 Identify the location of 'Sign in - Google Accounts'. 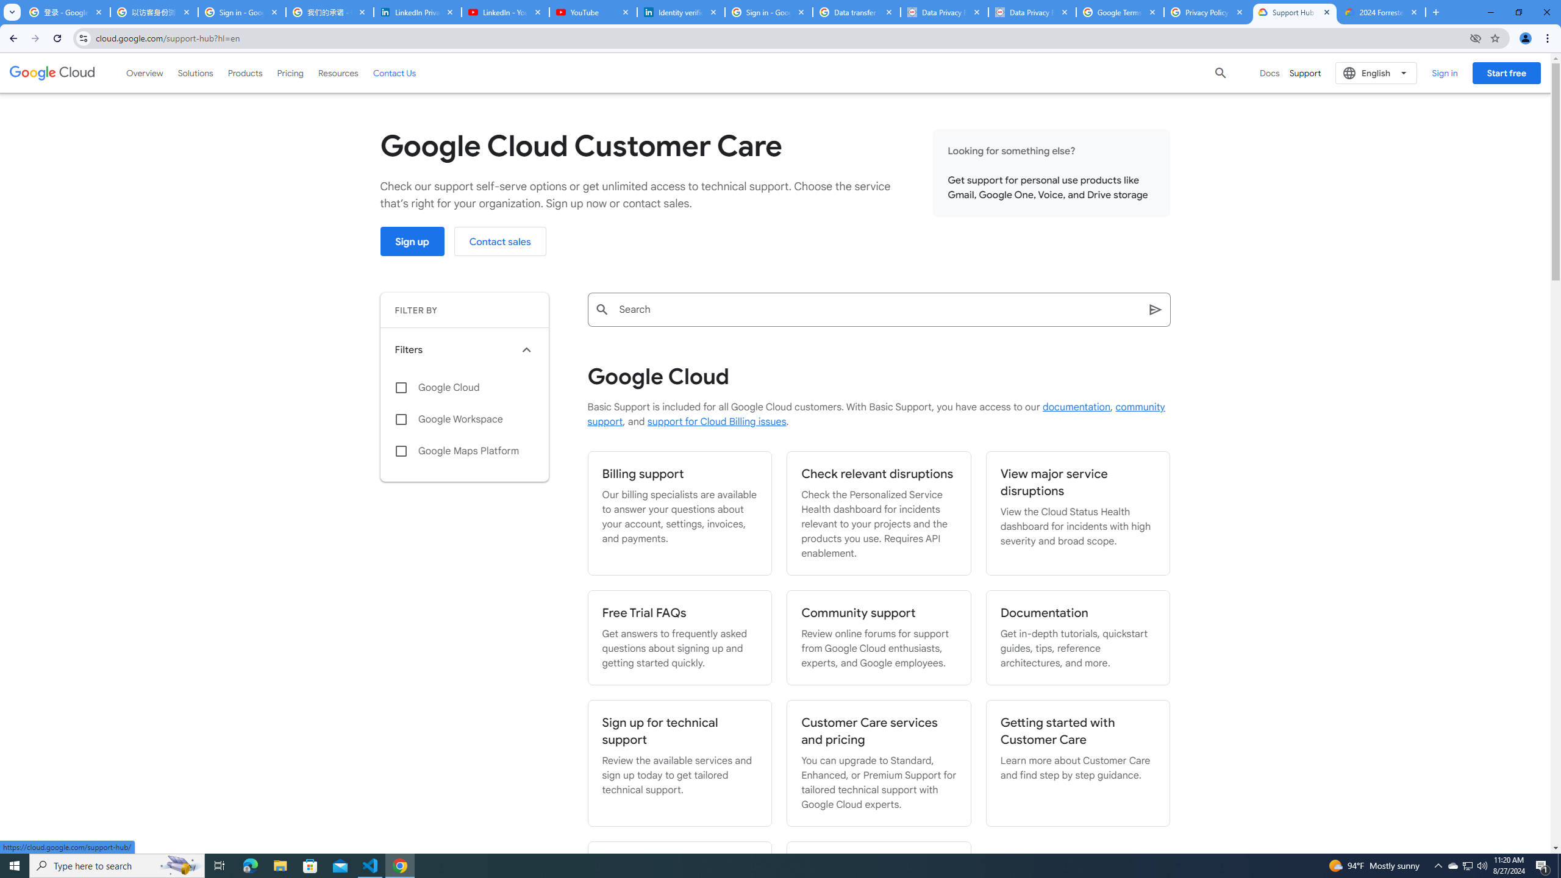
(768, 12).